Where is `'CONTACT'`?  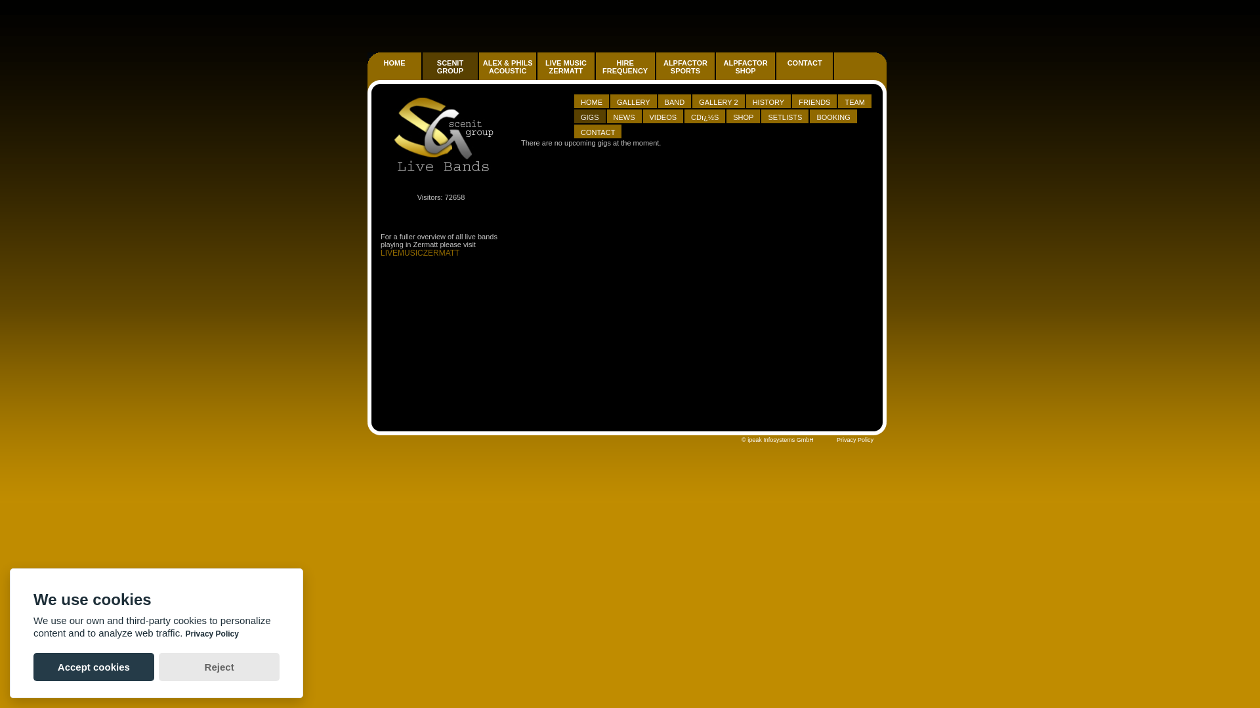 'CONTACT' is located at coordinates (804, 63).